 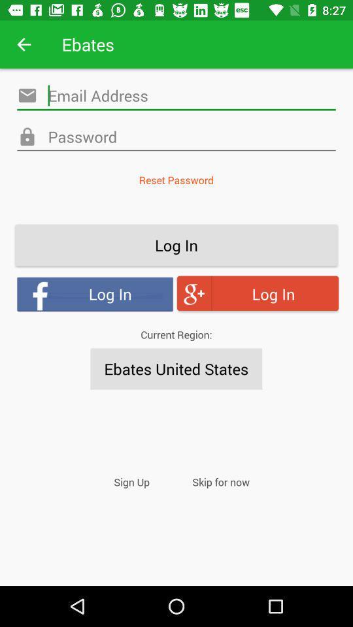 I want to click on put password in, so click(x=176, y=137).